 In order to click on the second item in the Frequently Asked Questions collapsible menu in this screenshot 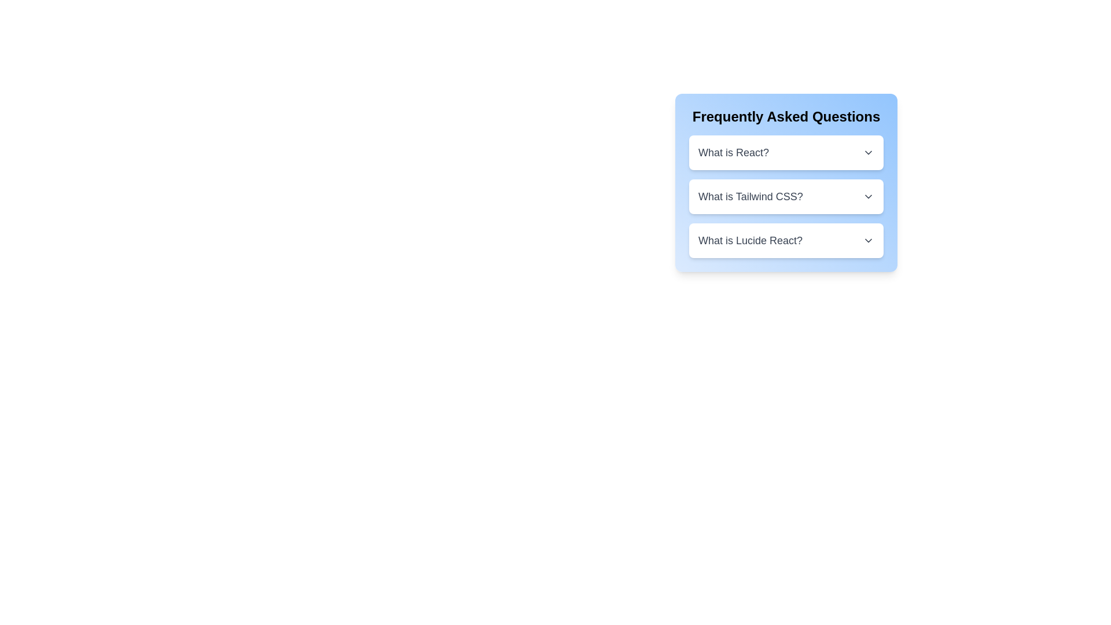, I will do `click(786, 182)`.